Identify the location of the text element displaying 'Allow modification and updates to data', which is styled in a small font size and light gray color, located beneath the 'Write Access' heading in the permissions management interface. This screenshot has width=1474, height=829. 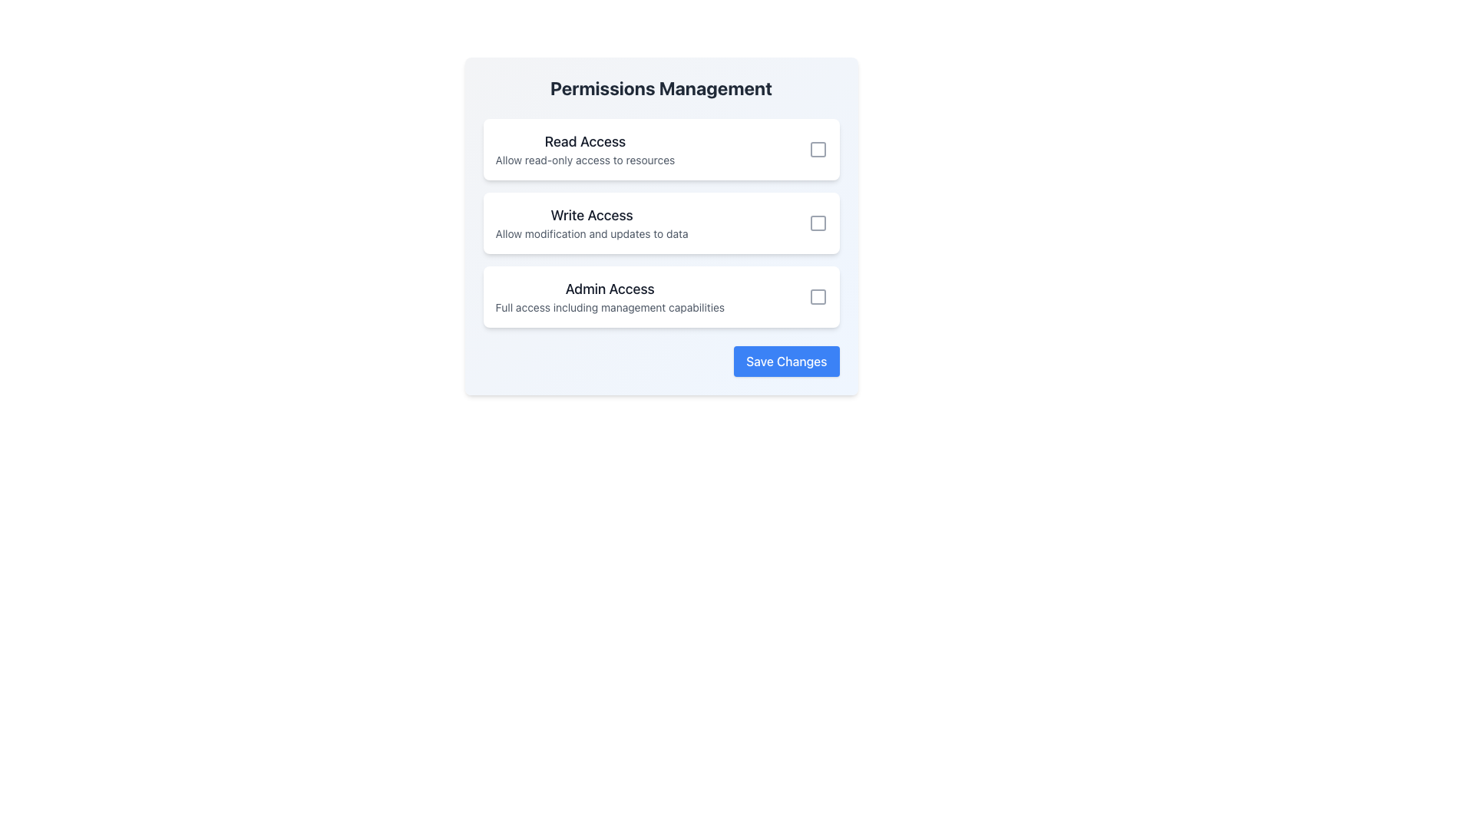
(591, 233).